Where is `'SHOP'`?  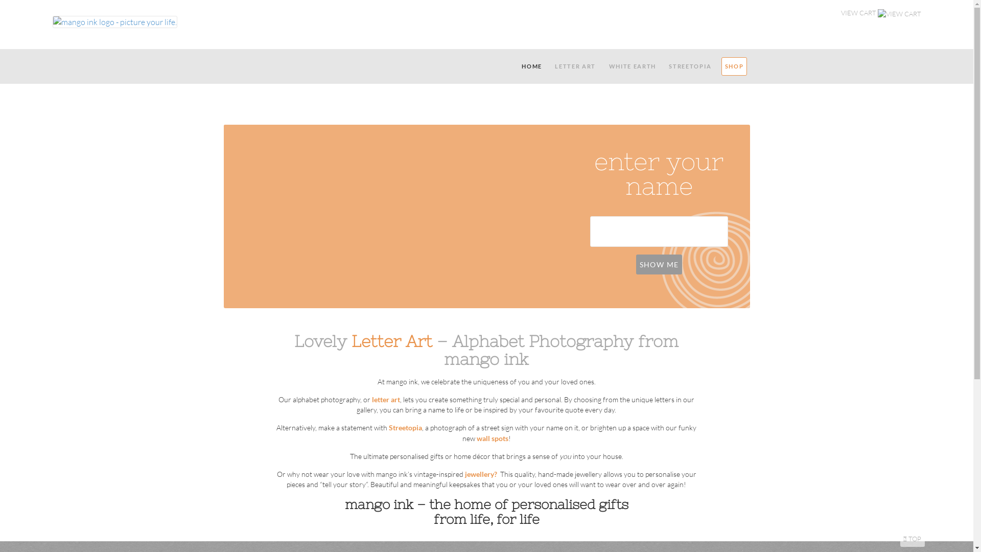 'SHOP' is located at coordinates (733, 66).